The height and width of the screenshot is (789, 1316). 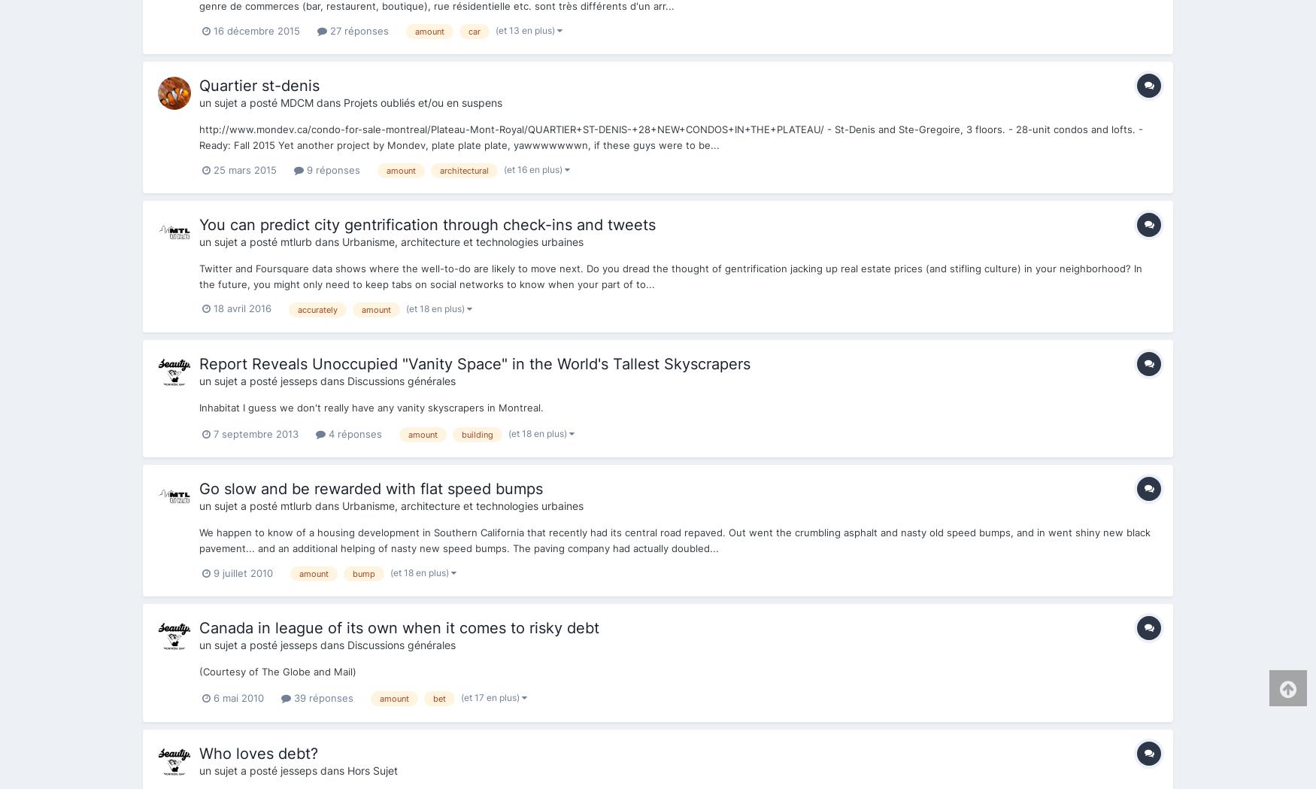 What do you see at coordinates (256, 432) in the screenshot?
I see `'7 septembre 2013'` at bounding box center [256, 432].